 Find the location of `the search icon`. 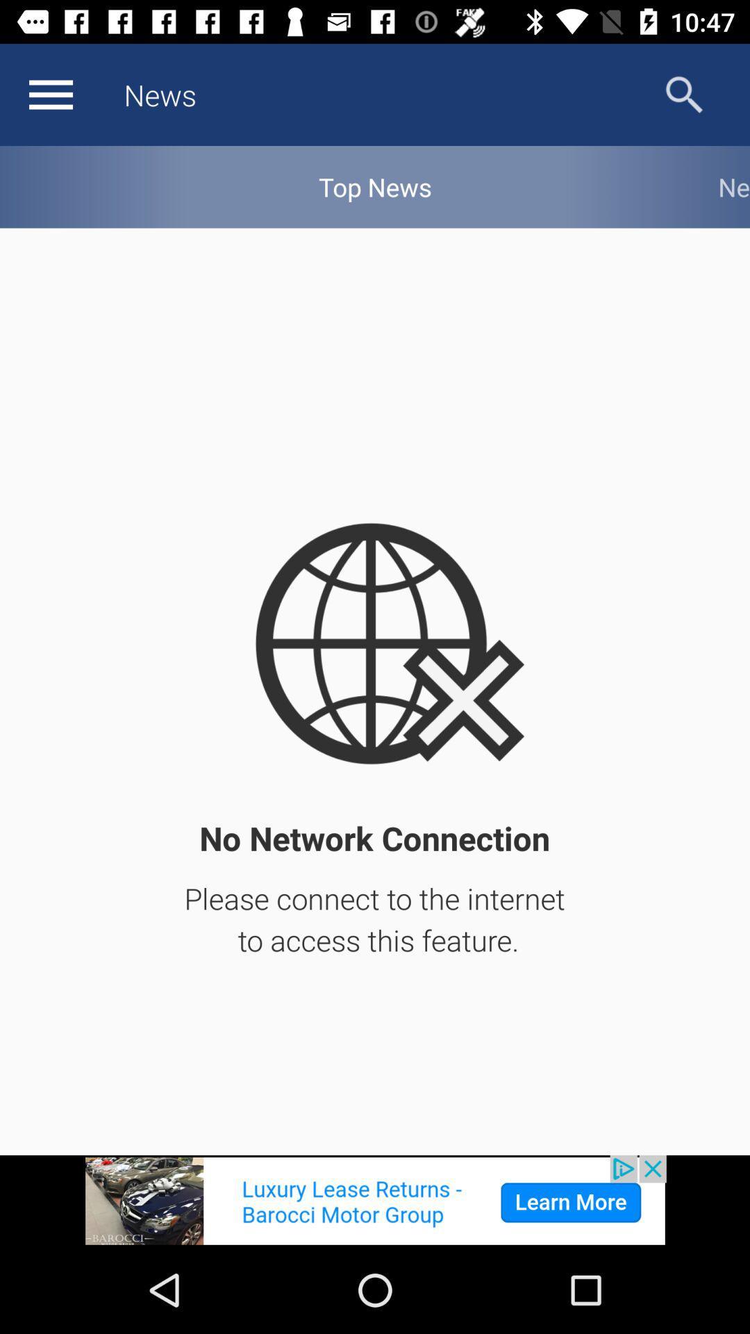

the search icon is located at coordinates (683, 94).